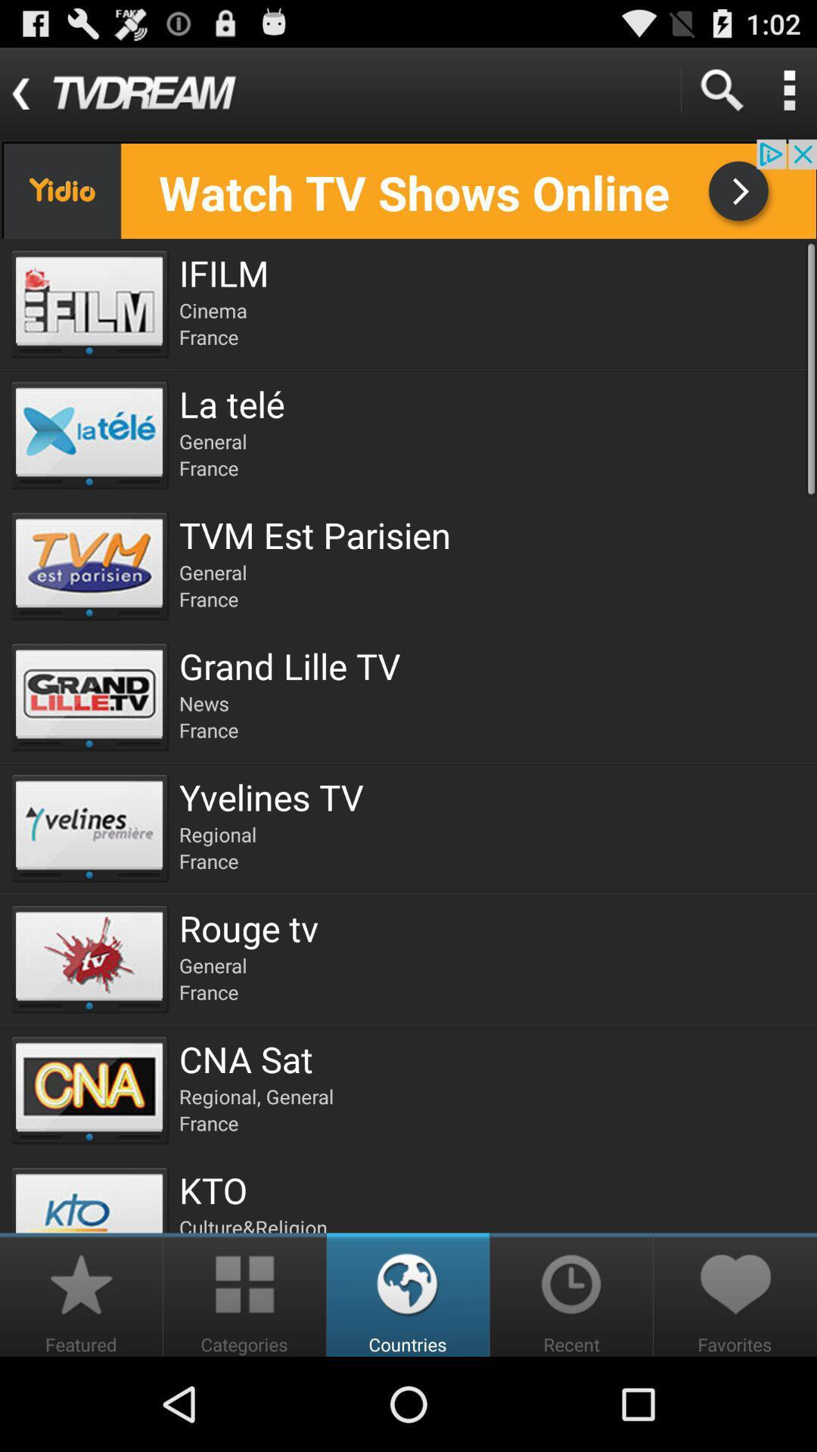 The image size is (817, 1452). Describe the element at coordinates (408, 188) in the screenshot. I see `previous` at that location.